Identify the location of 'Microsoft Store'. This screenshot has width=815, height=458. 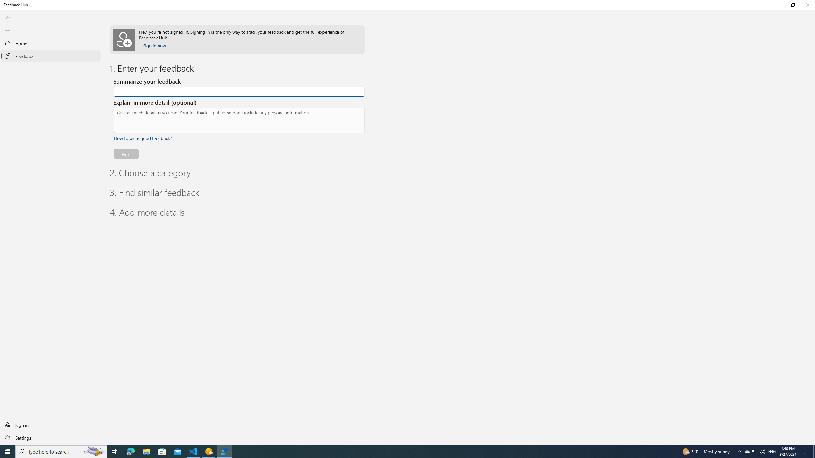
(162, 451).